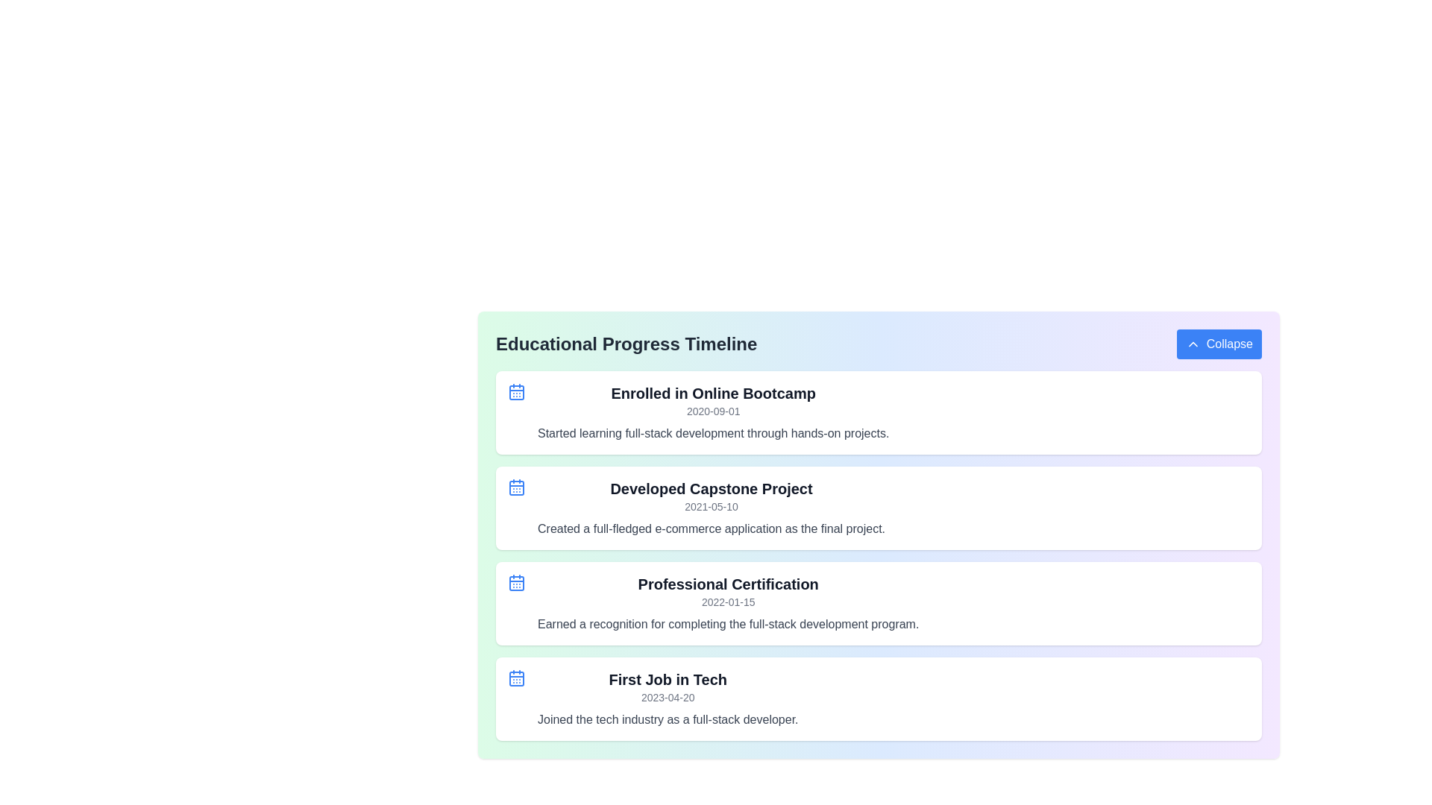  What do you see at coordinates (516, 392) in the screenshot?
I see `the graphical detail within the calendar icon located to the left of the title 'Enrolled in Online Bootcamp' in the educational timeline` at bounding box center [516, 392].